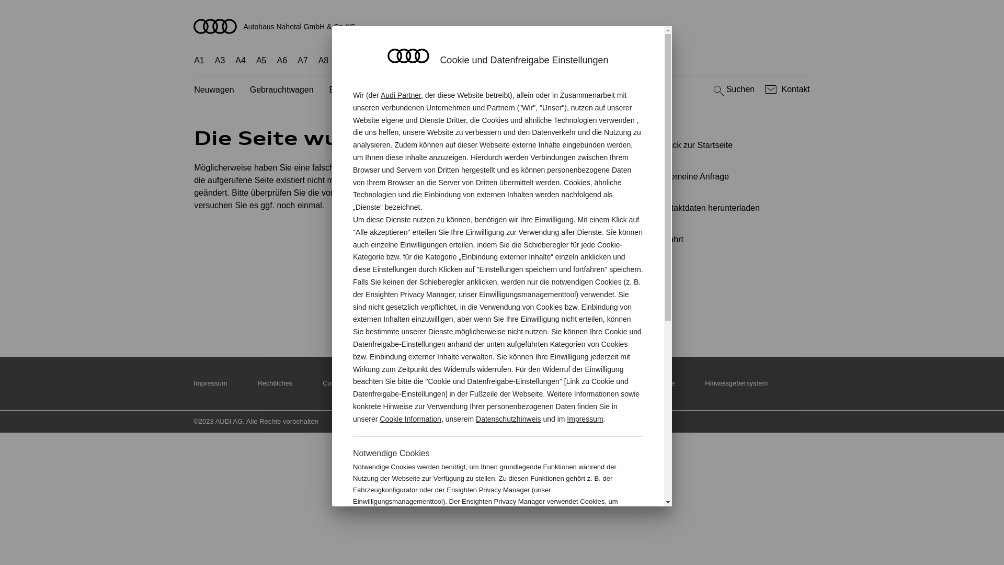 The width and height of the screenshot is (1004, 565). Describe the element at coordinates (476, 60) in the screenshot. I see `'Q8'` at that location.